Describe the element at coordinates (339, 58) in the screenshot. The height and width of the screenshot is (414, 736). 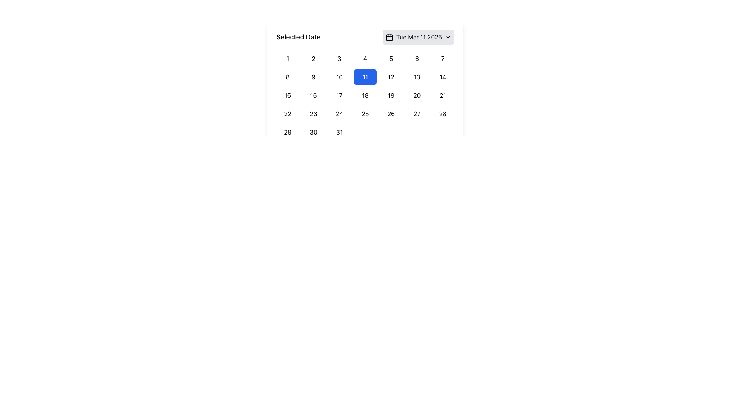
I see `the prominent button labeled '3' in the calendar grid` at that location.